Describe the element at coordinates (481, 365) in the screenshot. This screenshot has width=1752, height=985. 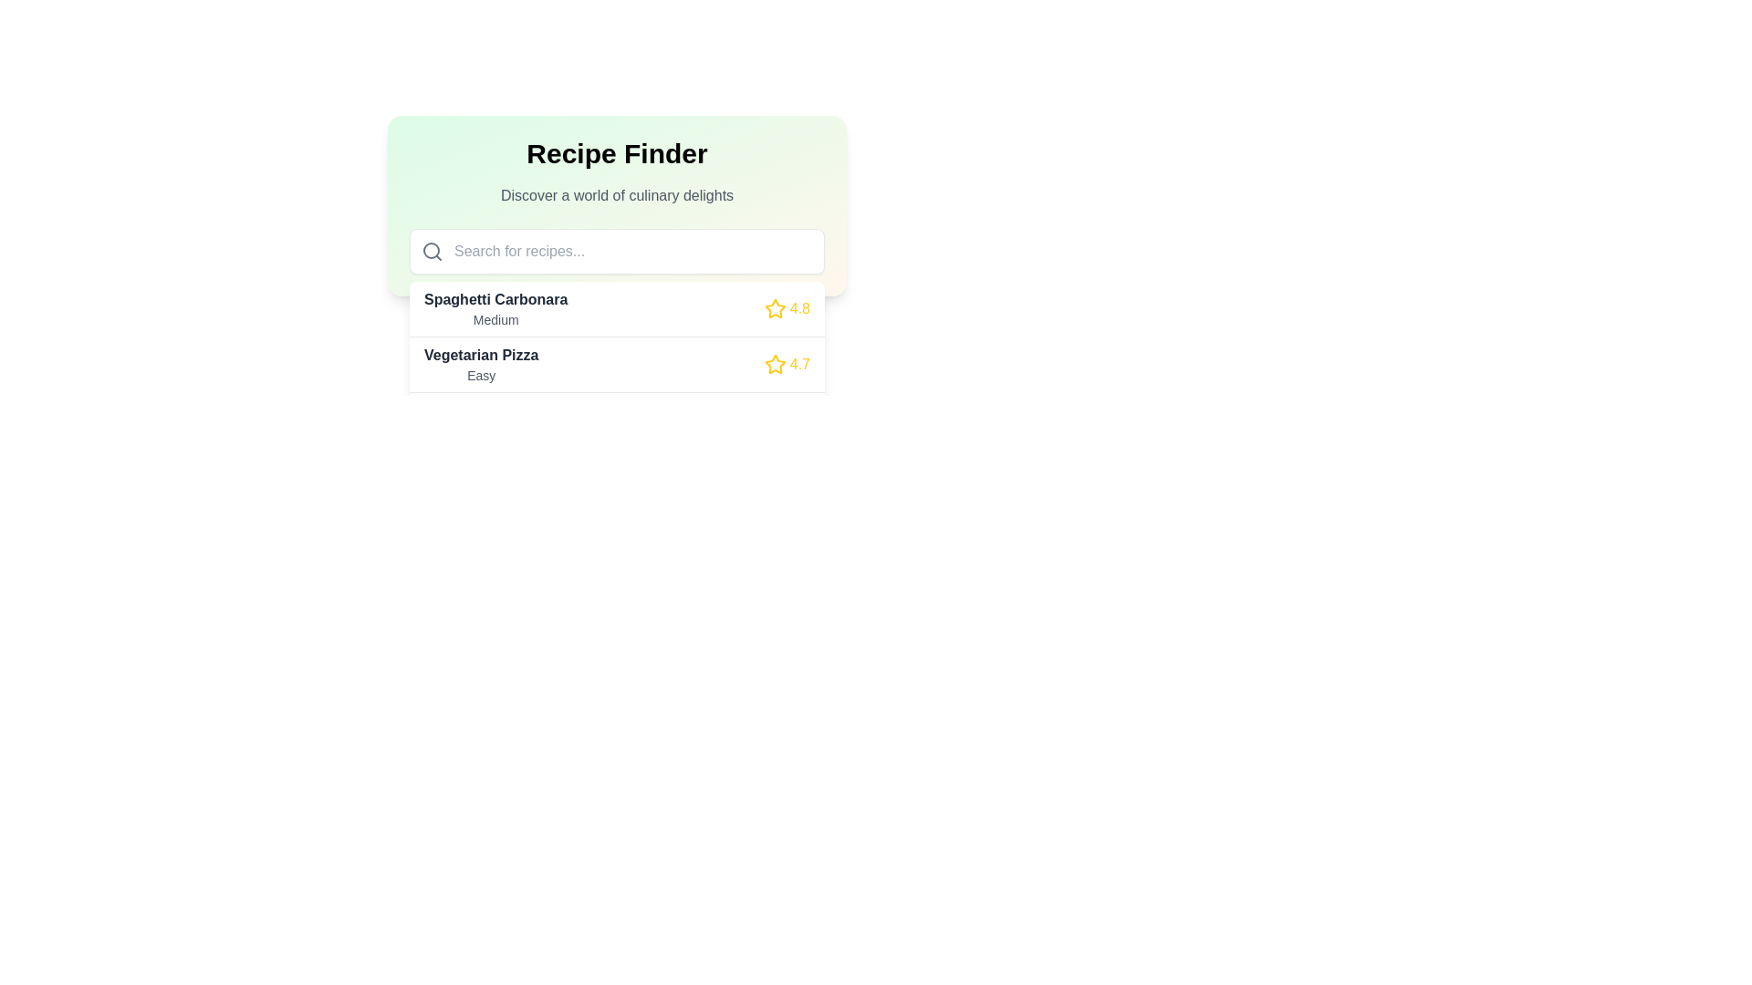
I see `the 'Vegetarian Pizza' text element which is bold and has 'Easy' in a smaller grey font underneath, located as the second item in the list within the 'Recipe Finder' interface` at that location.